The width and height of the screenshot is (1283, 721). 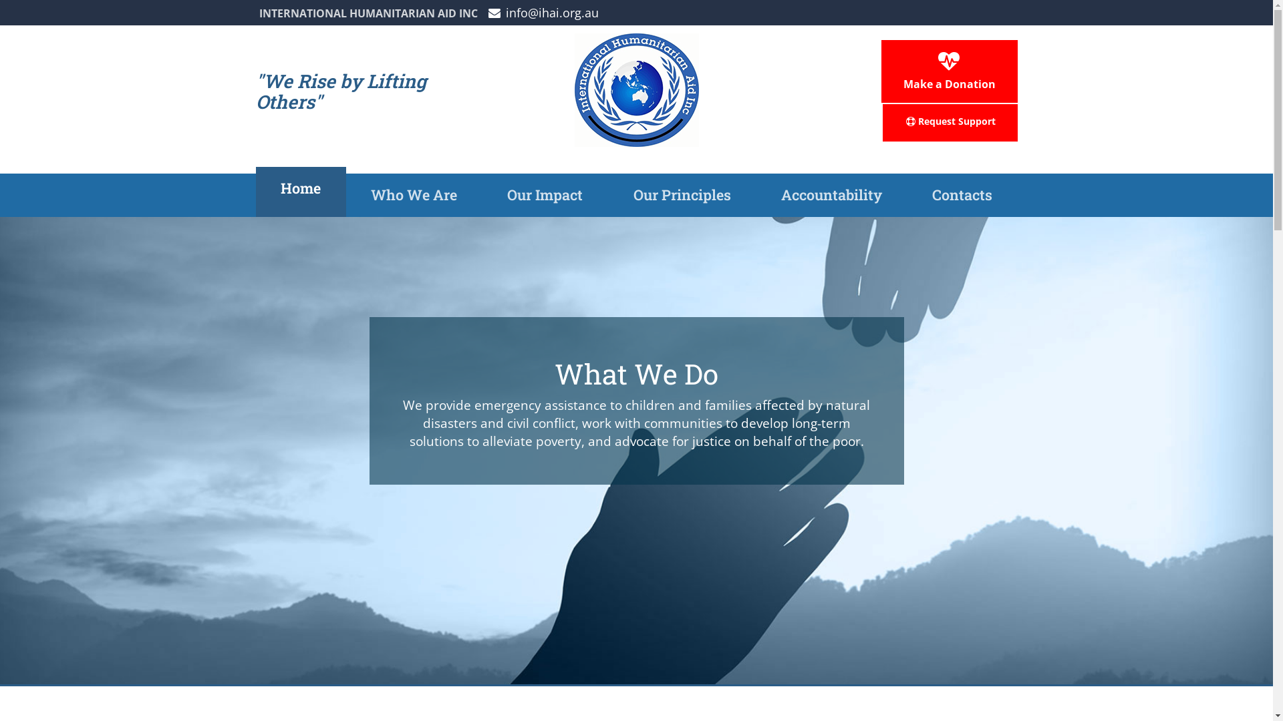 What do you see at coordinates (948, 123) in the screenshot?
I see `'Request Support'` at bounding box center [948, 123].